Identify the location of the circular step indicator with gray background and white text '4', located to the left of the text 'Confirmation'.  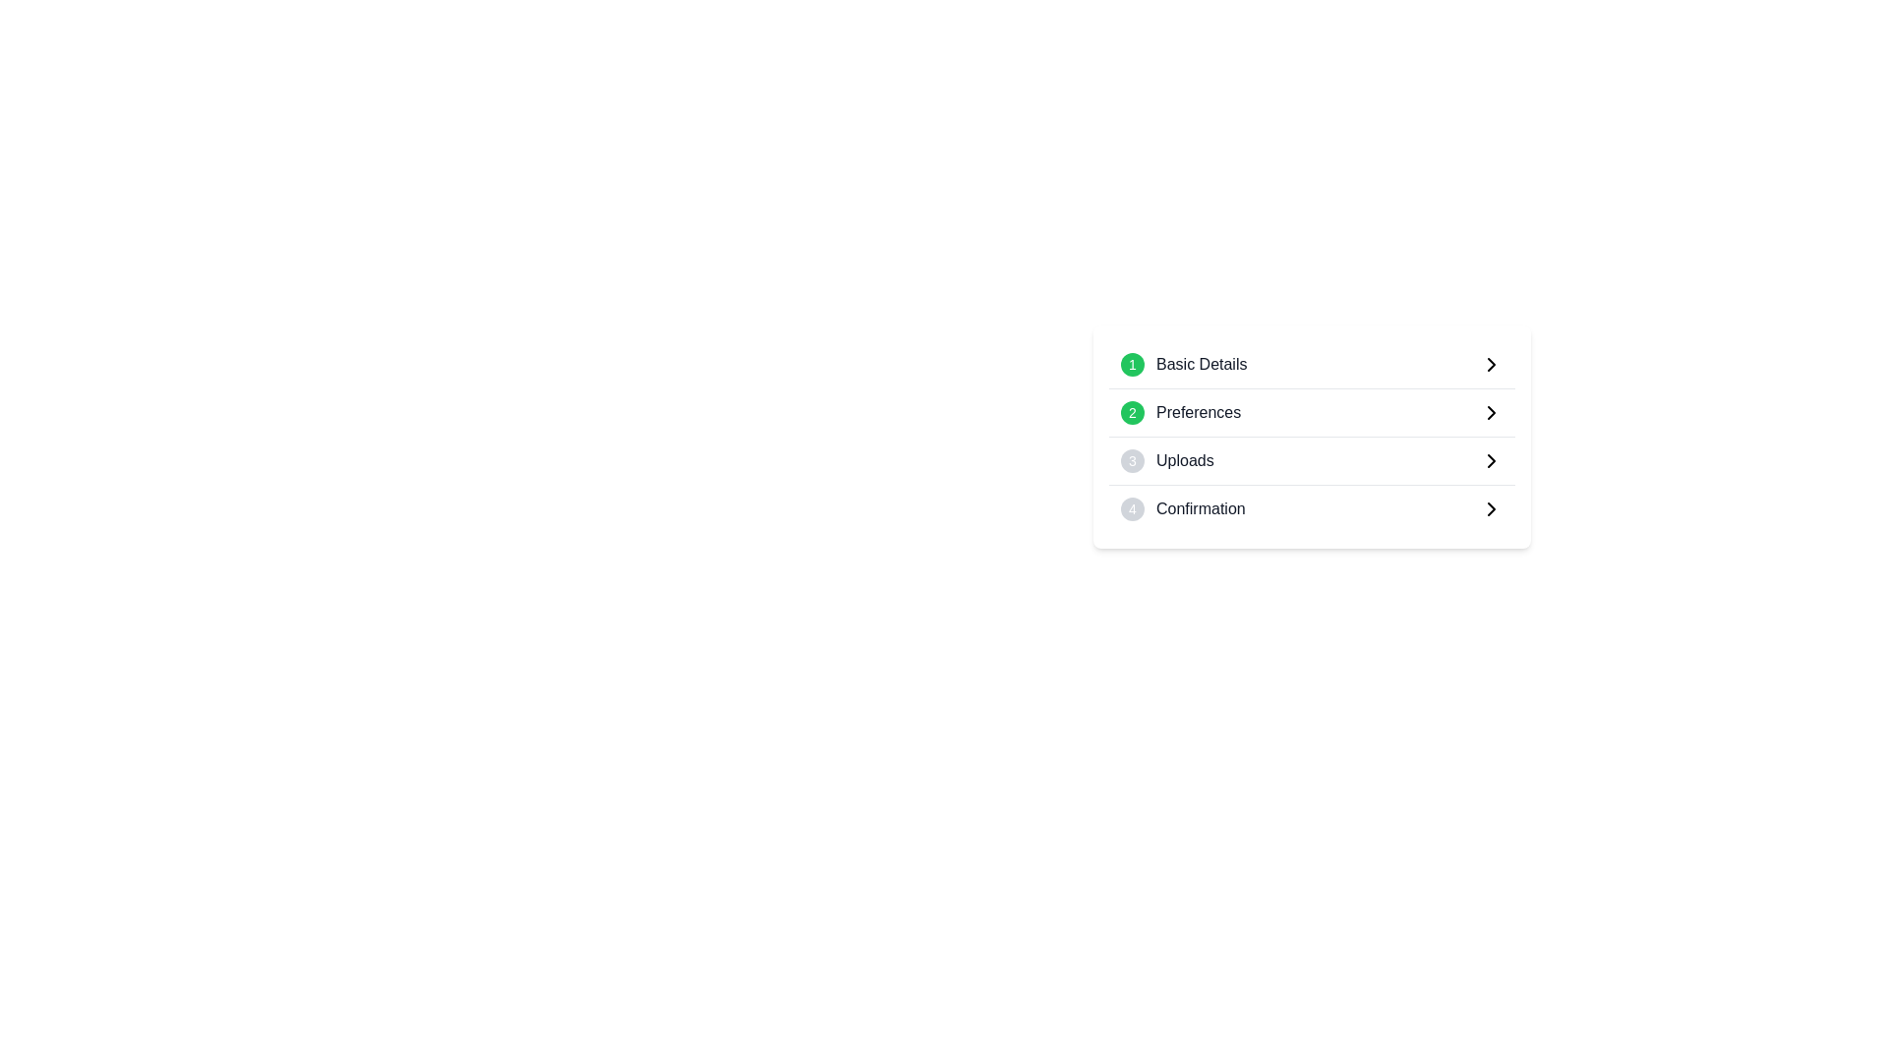
(1133, 507).